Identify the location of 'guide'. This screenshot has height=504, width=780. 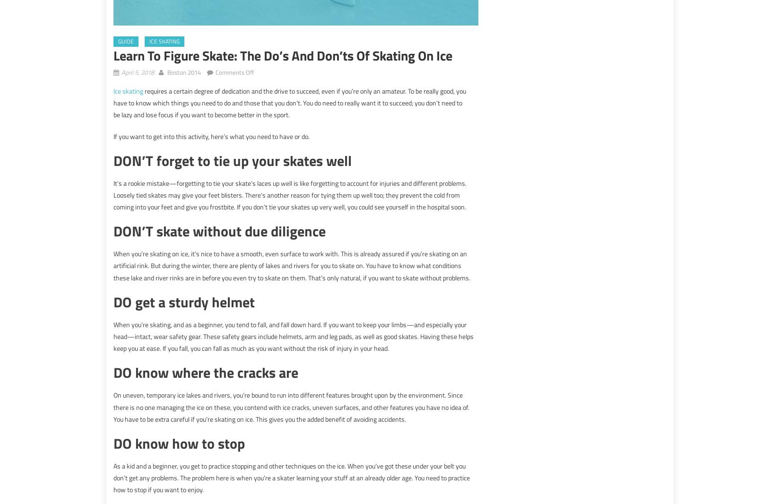
(126, 41).